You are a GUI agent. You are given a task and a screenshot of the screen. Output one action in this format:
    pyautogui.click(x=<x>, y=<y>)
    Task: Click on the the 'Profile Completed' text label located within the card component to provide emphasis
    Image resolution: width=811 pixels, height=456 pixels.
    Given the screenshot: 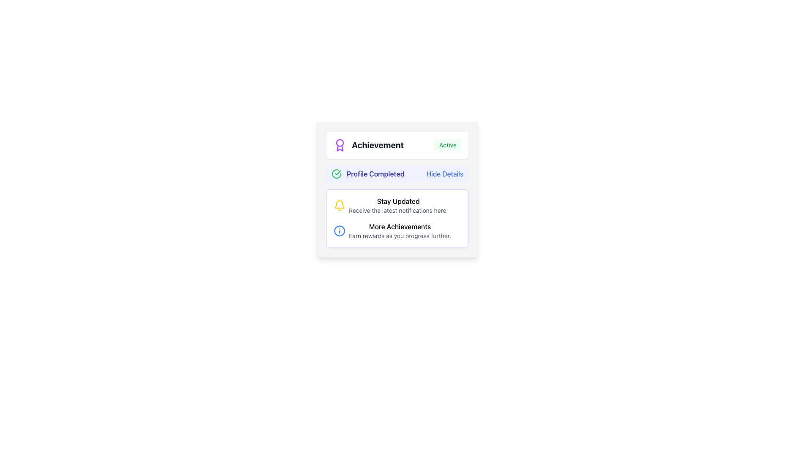 What is the action you would take?
    pyautogui.click(x=397, y=174)
    